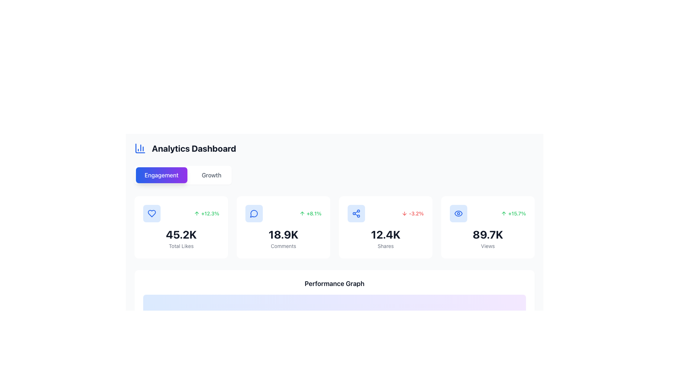 The image size is (696, 391). Describe the element at coordinates (302, 213) in the screenshot. I see `the growth icon located in the 'Comments' section of the dashboard, which shows a positive change of '+8.1%' next to it` at that location.